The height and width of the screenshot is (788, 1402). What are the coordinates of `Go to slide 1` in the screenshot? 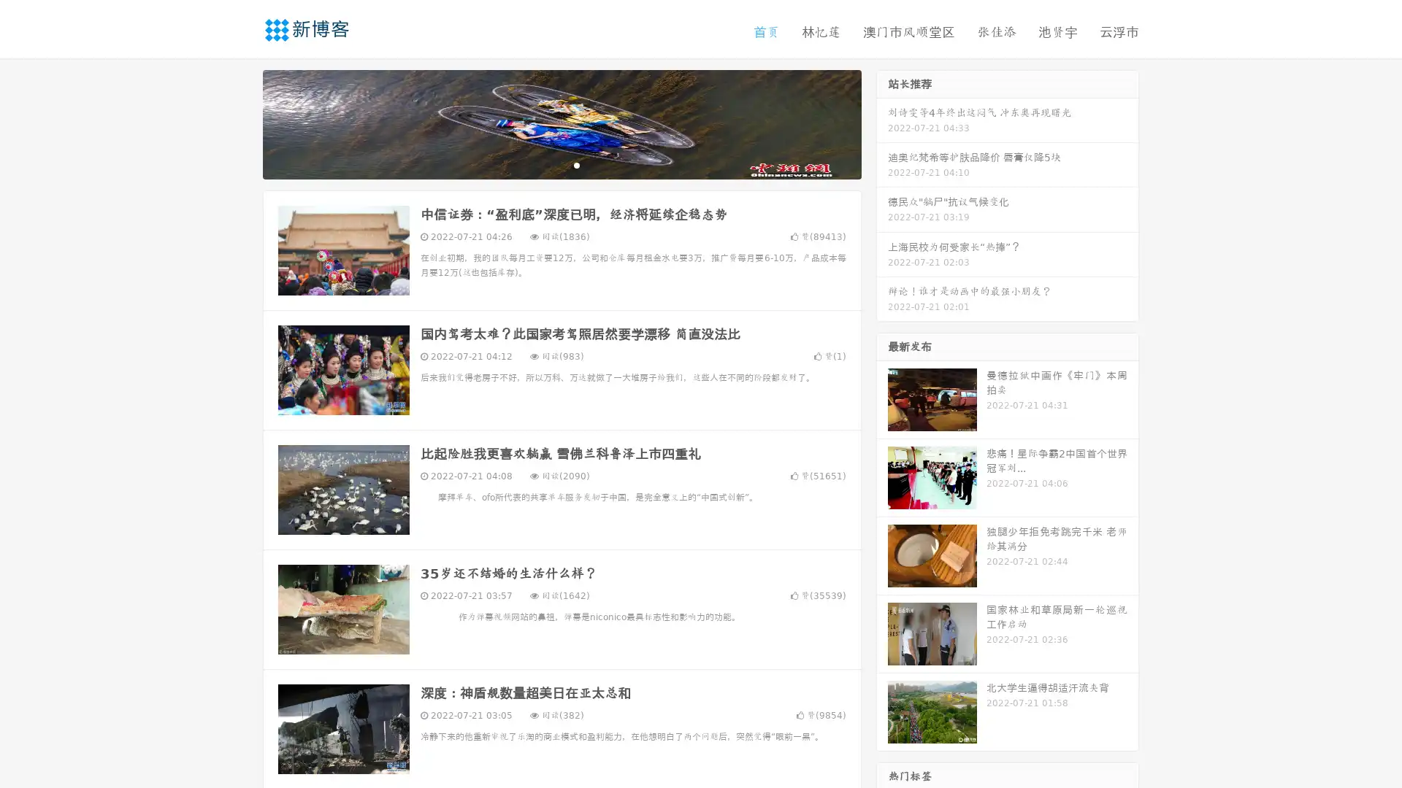 It's located at (546, 164).